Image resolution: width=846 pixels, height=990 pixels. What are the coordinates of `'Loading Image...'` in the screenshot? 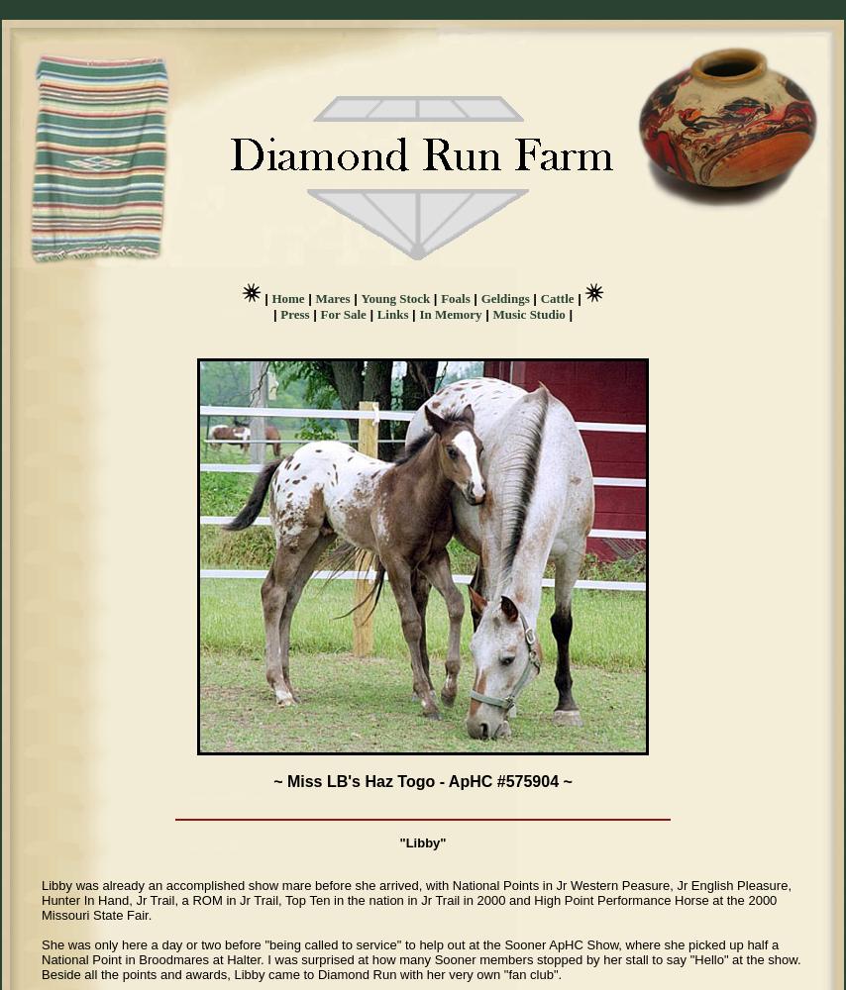 It's located at (76, 16).